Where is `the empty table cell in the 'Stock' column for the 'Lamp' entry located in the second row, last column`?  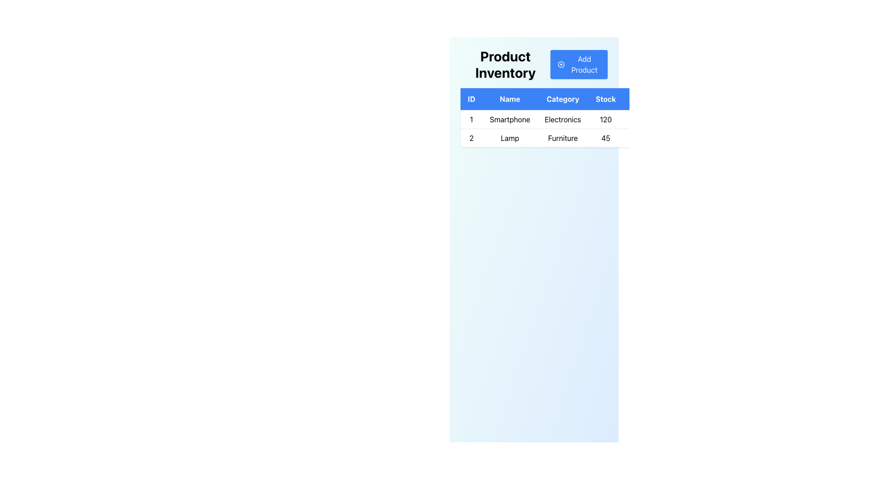 the empty table cell in the 'Stock' column for the 'Lamp' entry located in the second row, last column is located at coordinates (643, 138).